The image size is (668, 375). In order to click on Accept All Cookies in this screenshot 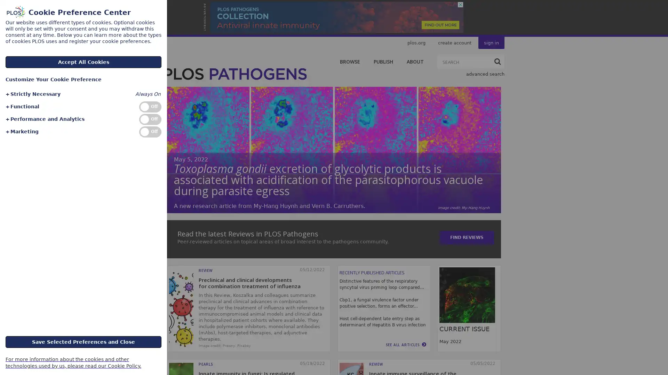, I will do `click(83, 61)`.